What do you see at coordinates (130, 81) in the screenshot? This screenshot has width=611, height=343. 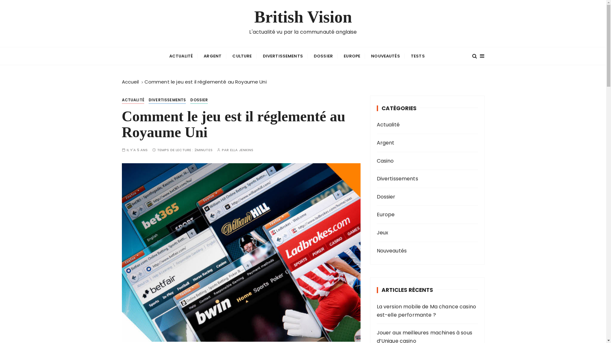 I see `'Accueil'` at bounding box center [130, 81].